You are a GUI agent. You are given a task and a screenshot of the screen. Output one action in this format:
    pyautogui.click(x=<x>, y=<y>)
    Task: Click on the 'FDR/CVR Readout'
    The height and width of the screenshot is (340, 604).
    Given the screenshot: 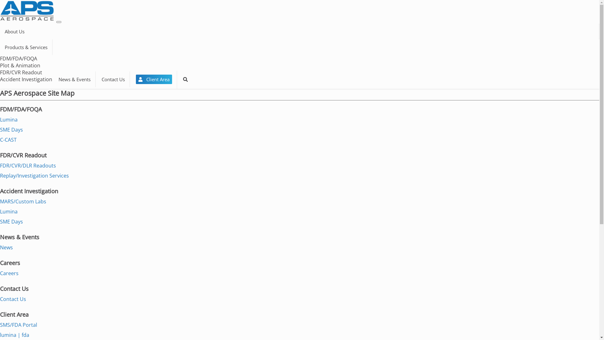 What is the action you would take?
    pyautogui.click(x=21, y=72)
    